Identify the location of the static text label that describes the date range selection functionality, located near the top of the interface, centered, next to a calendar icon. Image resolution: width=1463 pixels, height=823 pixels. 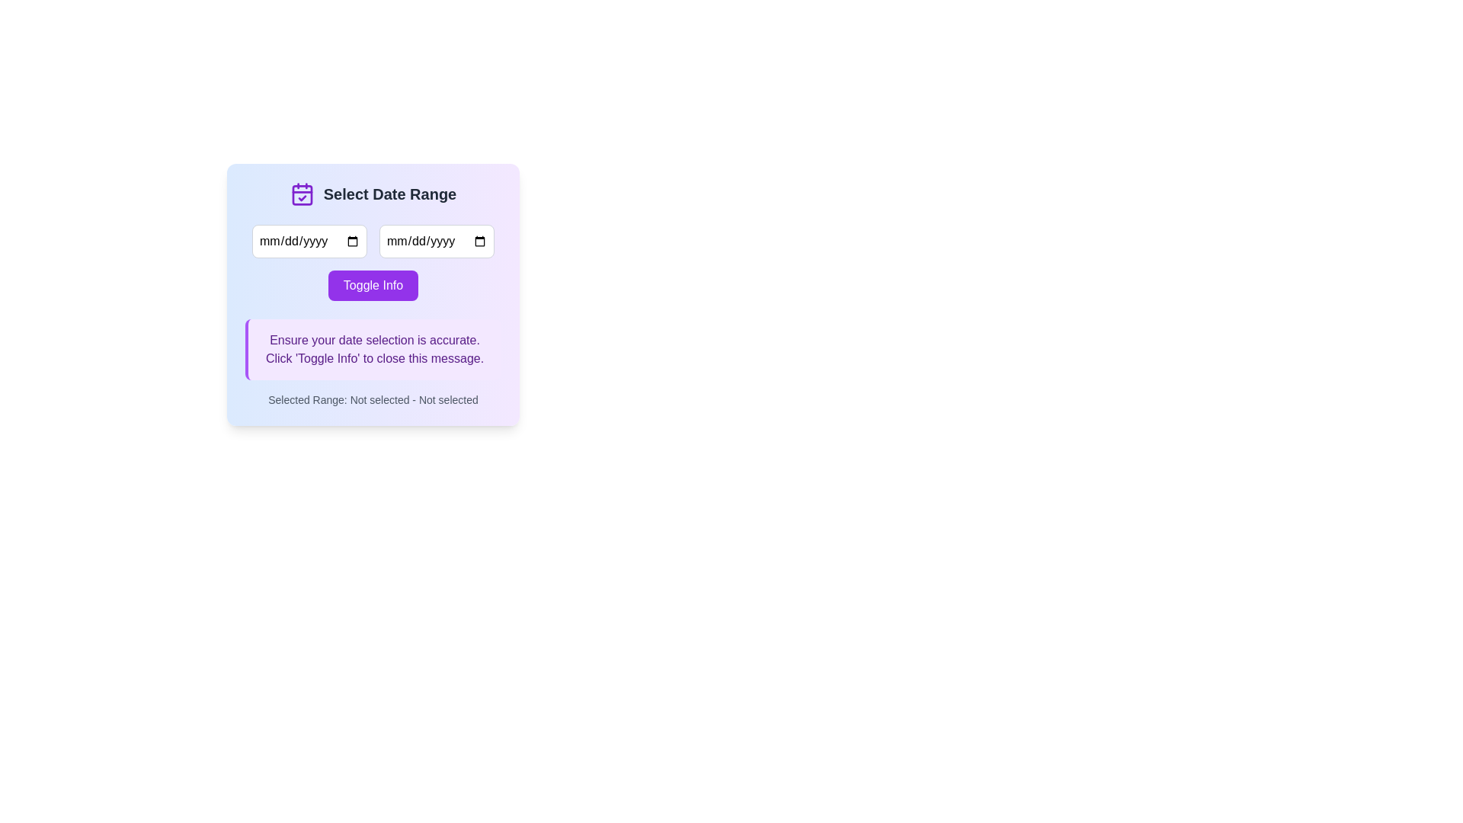
(390, 193).